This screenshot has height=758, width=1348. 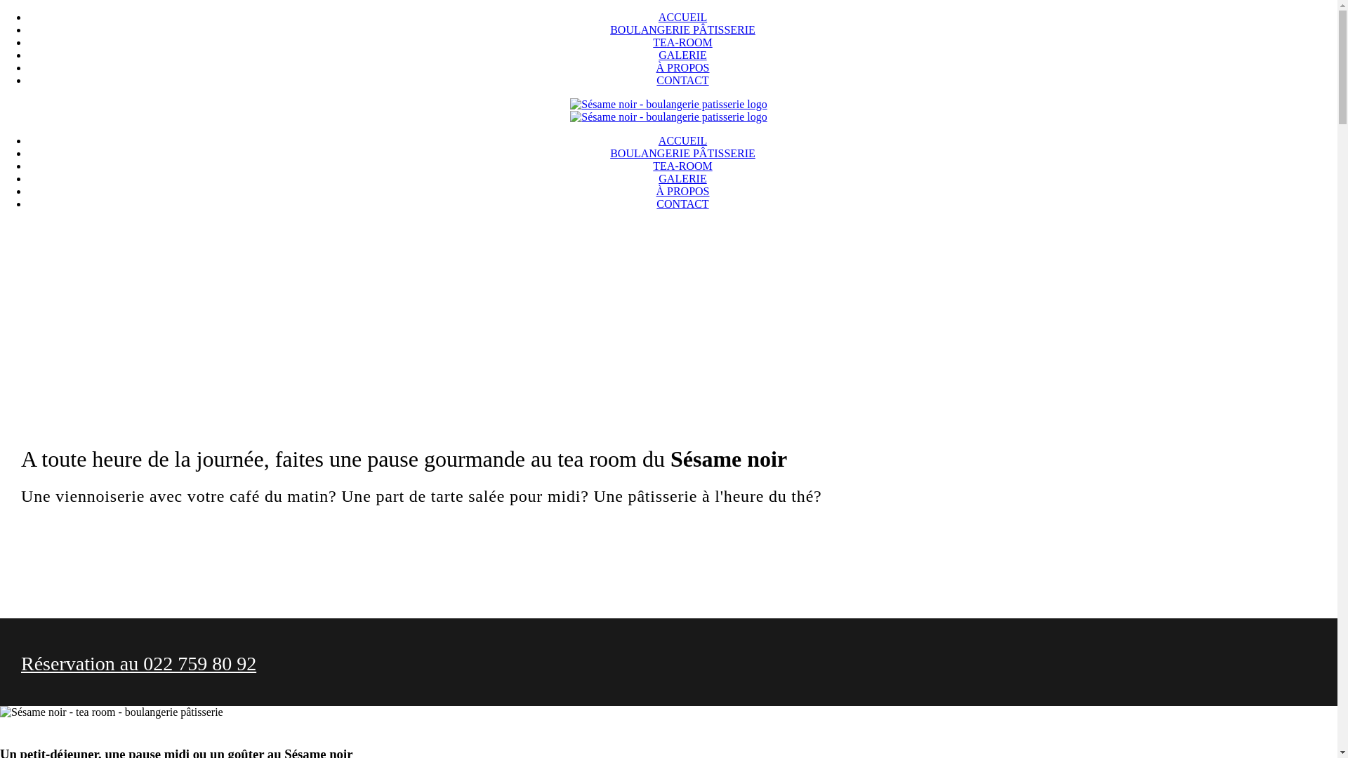 I want to click on 'CONTACT', so click(x=682, y=204).